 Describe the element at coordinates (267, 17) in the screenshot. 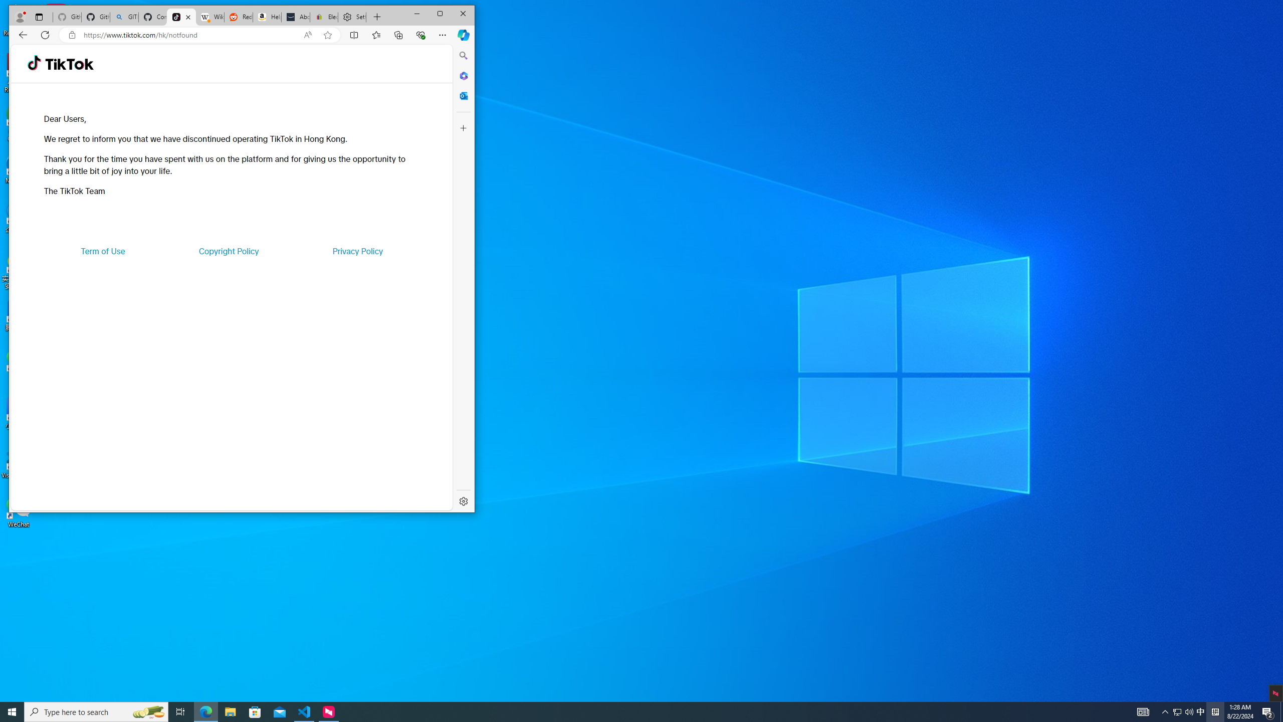

I see `'Help & Contact Us - Amazon Customer Service'` at that location.